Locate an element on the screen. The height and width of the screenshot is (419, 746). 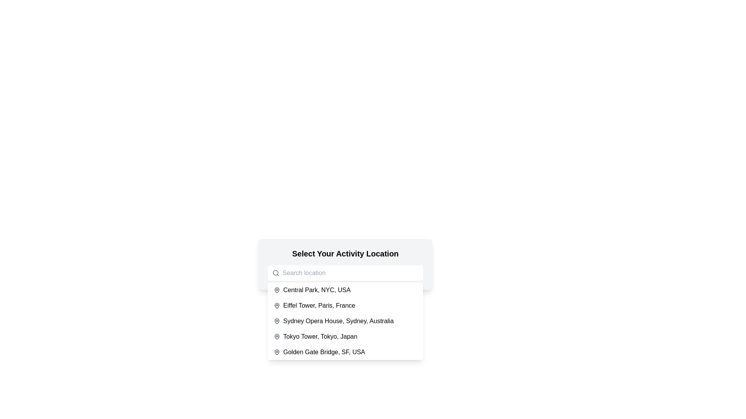
the map pin icon located to the left of the text for 'Tokyo Tower, Tokyo, Japan' is located at coordinates (277, 336).